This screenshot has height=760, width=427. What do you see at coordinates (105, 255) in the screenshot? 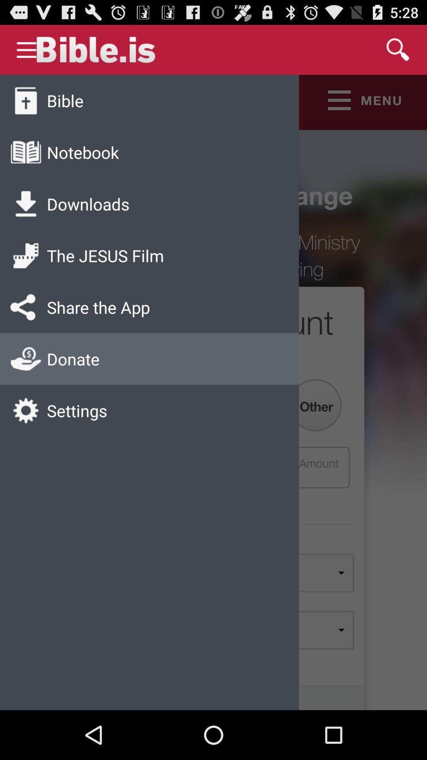
I see `item below the downloads` at bounding box center [105, 255].